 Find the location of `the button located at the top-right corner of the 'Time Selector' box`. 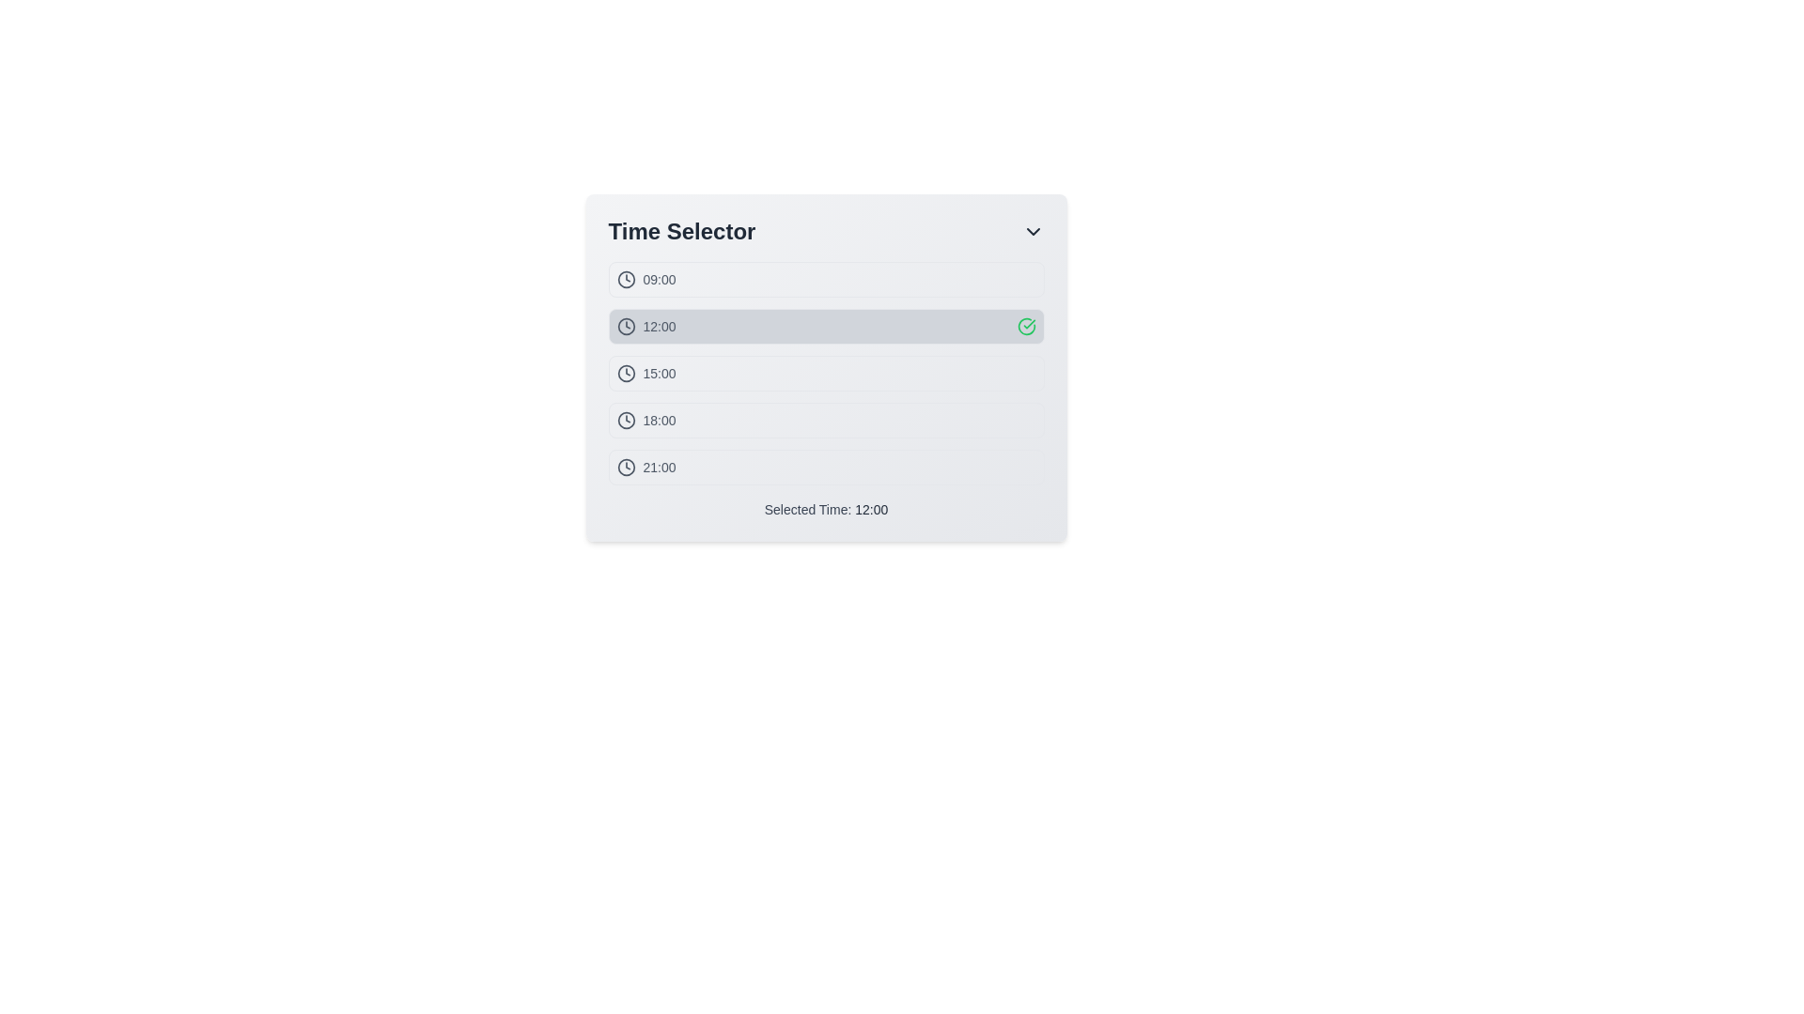

the button located at the top-right corner of the 'Time Selector' box is located at coordinates (1032, 230).